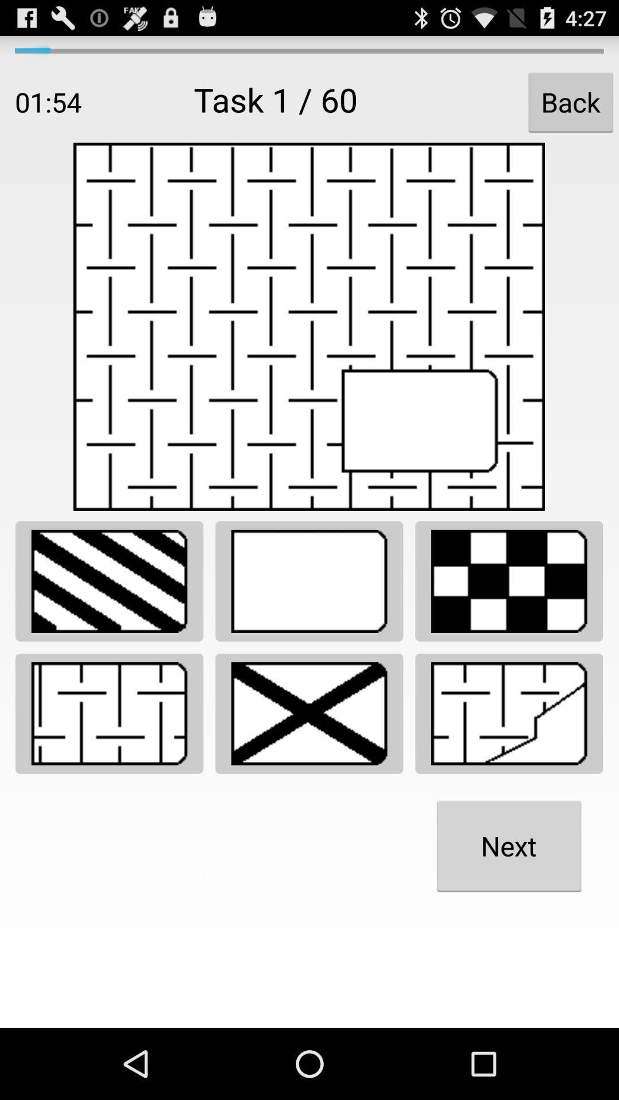  I want to click on layout change, so click(508, 581).